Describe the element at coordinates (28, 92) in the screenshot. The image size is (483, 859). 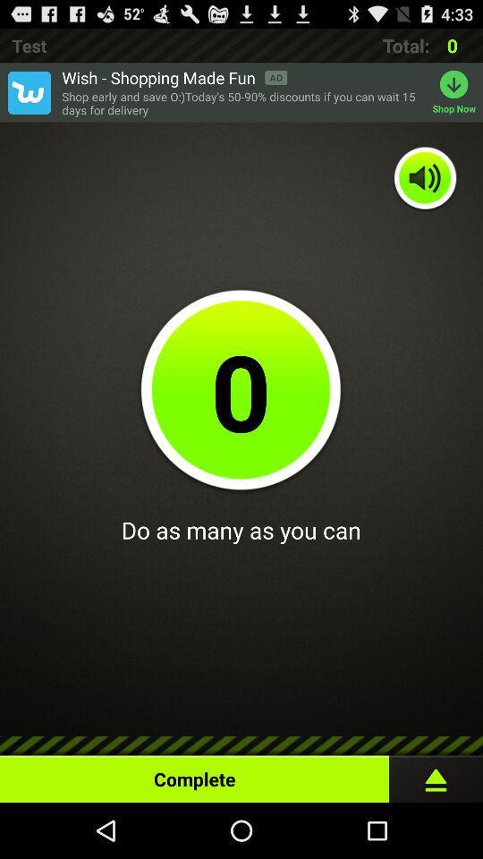
I see `advertisement for wish app` at that location.